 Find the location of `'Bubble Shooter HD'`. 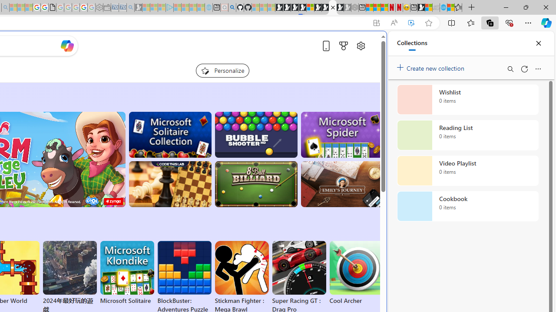

'Bubble Shooter HD' is located at coordinates (255, 135).